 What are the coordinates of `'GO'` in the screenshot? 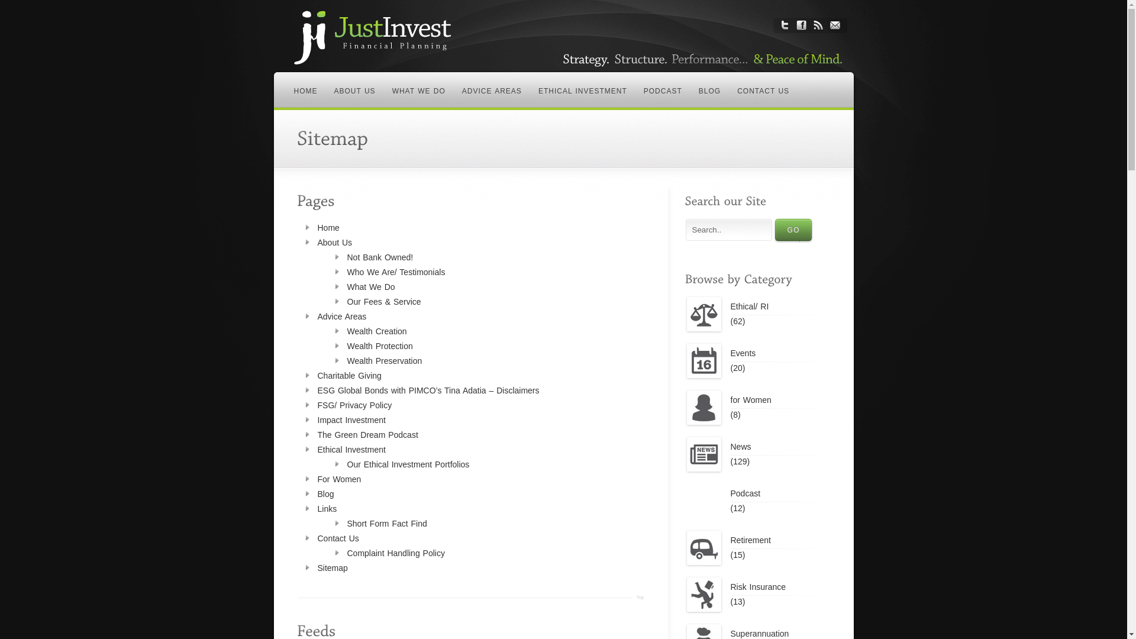 It's located at (794, 230).